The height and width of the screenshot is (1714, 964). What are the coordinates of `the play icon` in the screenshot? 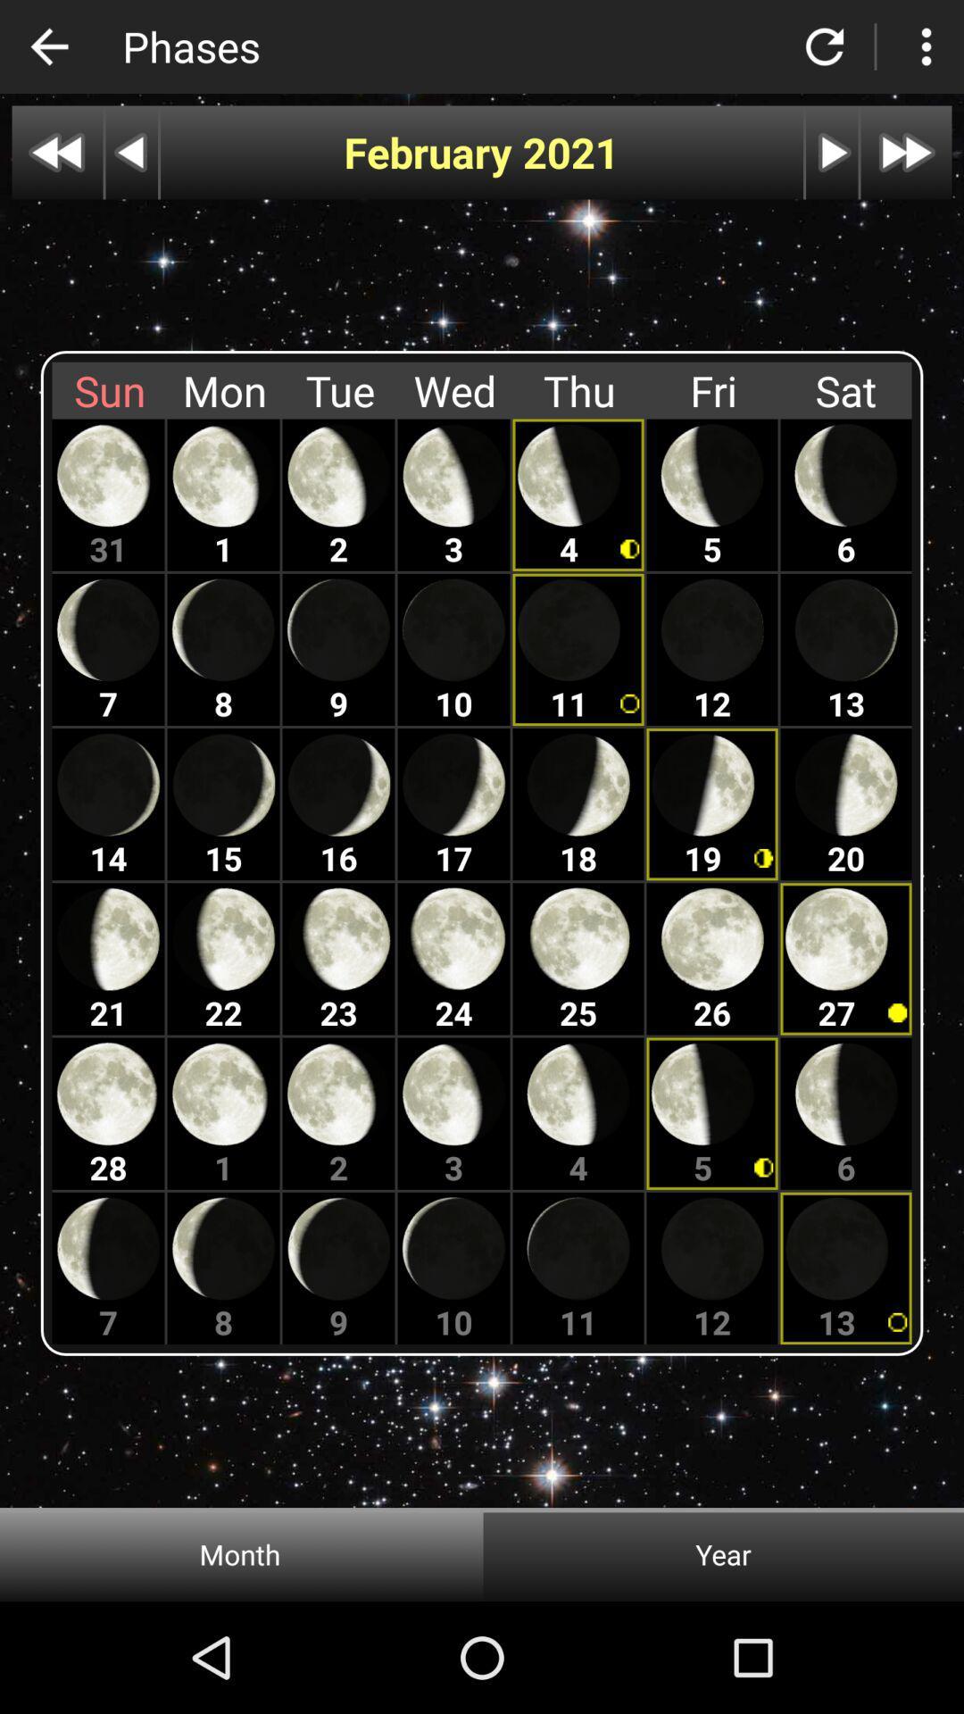 It's located at (832, 153).